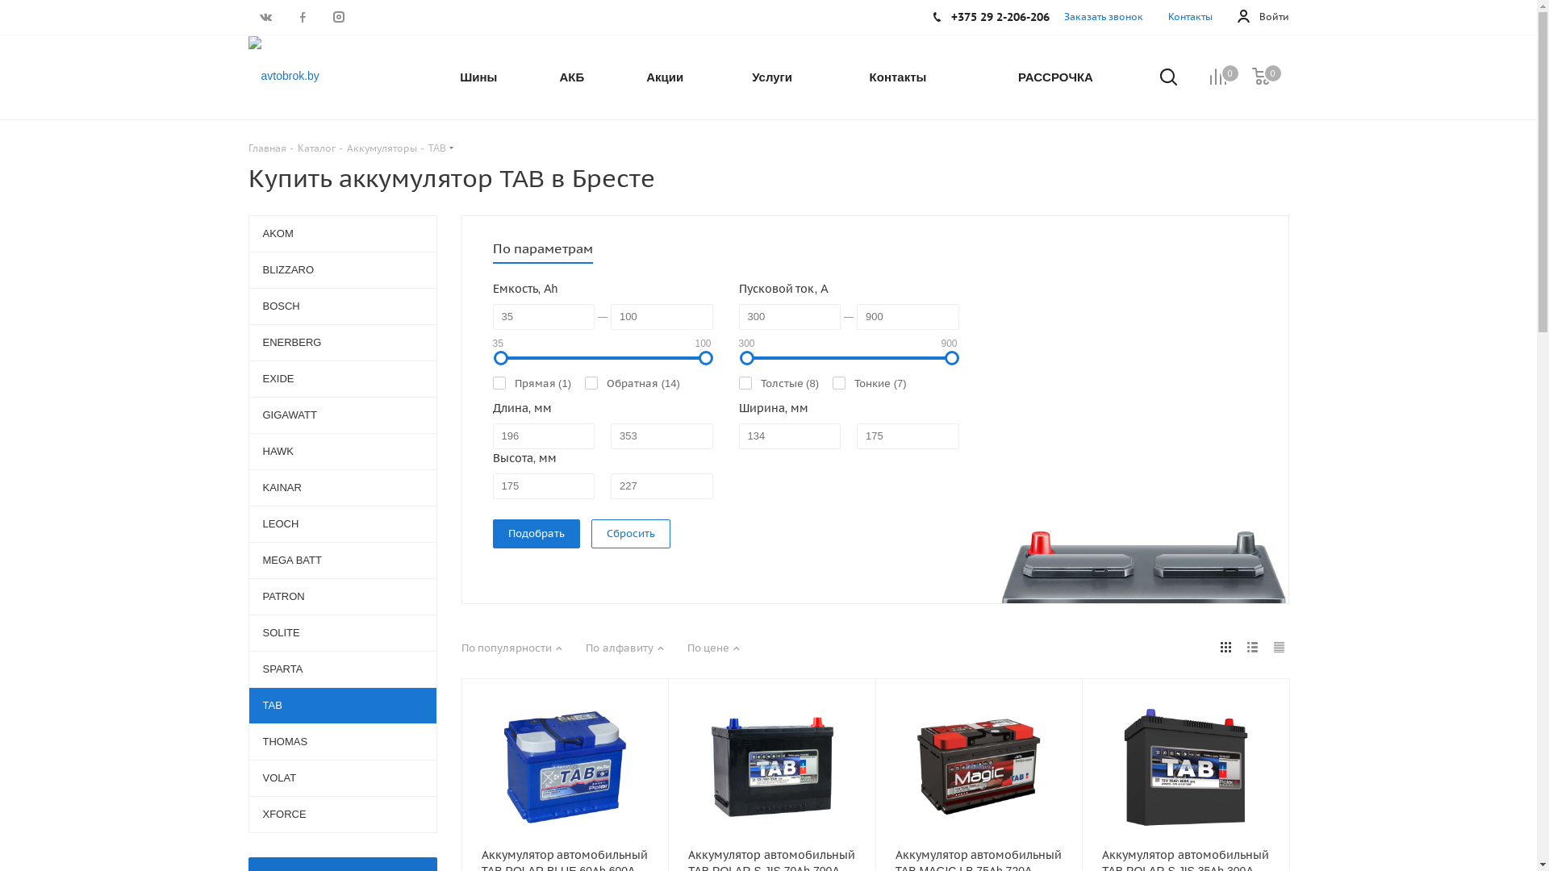 The image size is (1549, 871). I want to click on 'LEOCH', so click(342, 523).